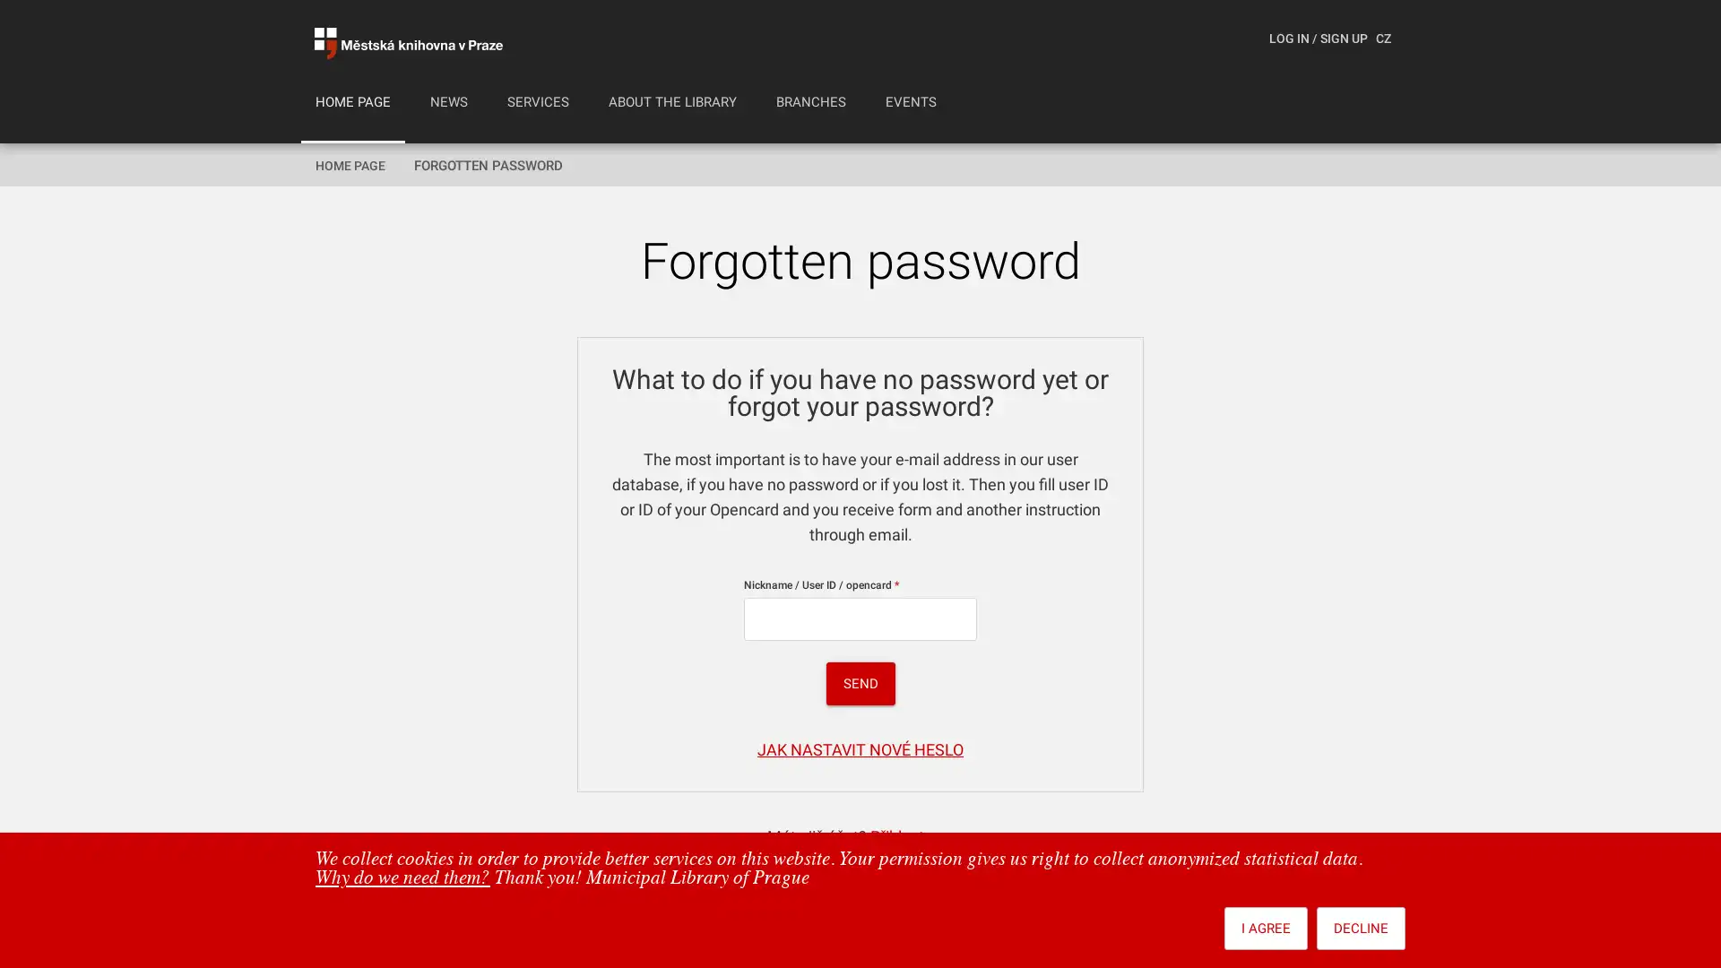 The image size is (1721, 968). Describe the element at coordinates (1264, 928) in the screenshot. I see `I AGREE` at that location.